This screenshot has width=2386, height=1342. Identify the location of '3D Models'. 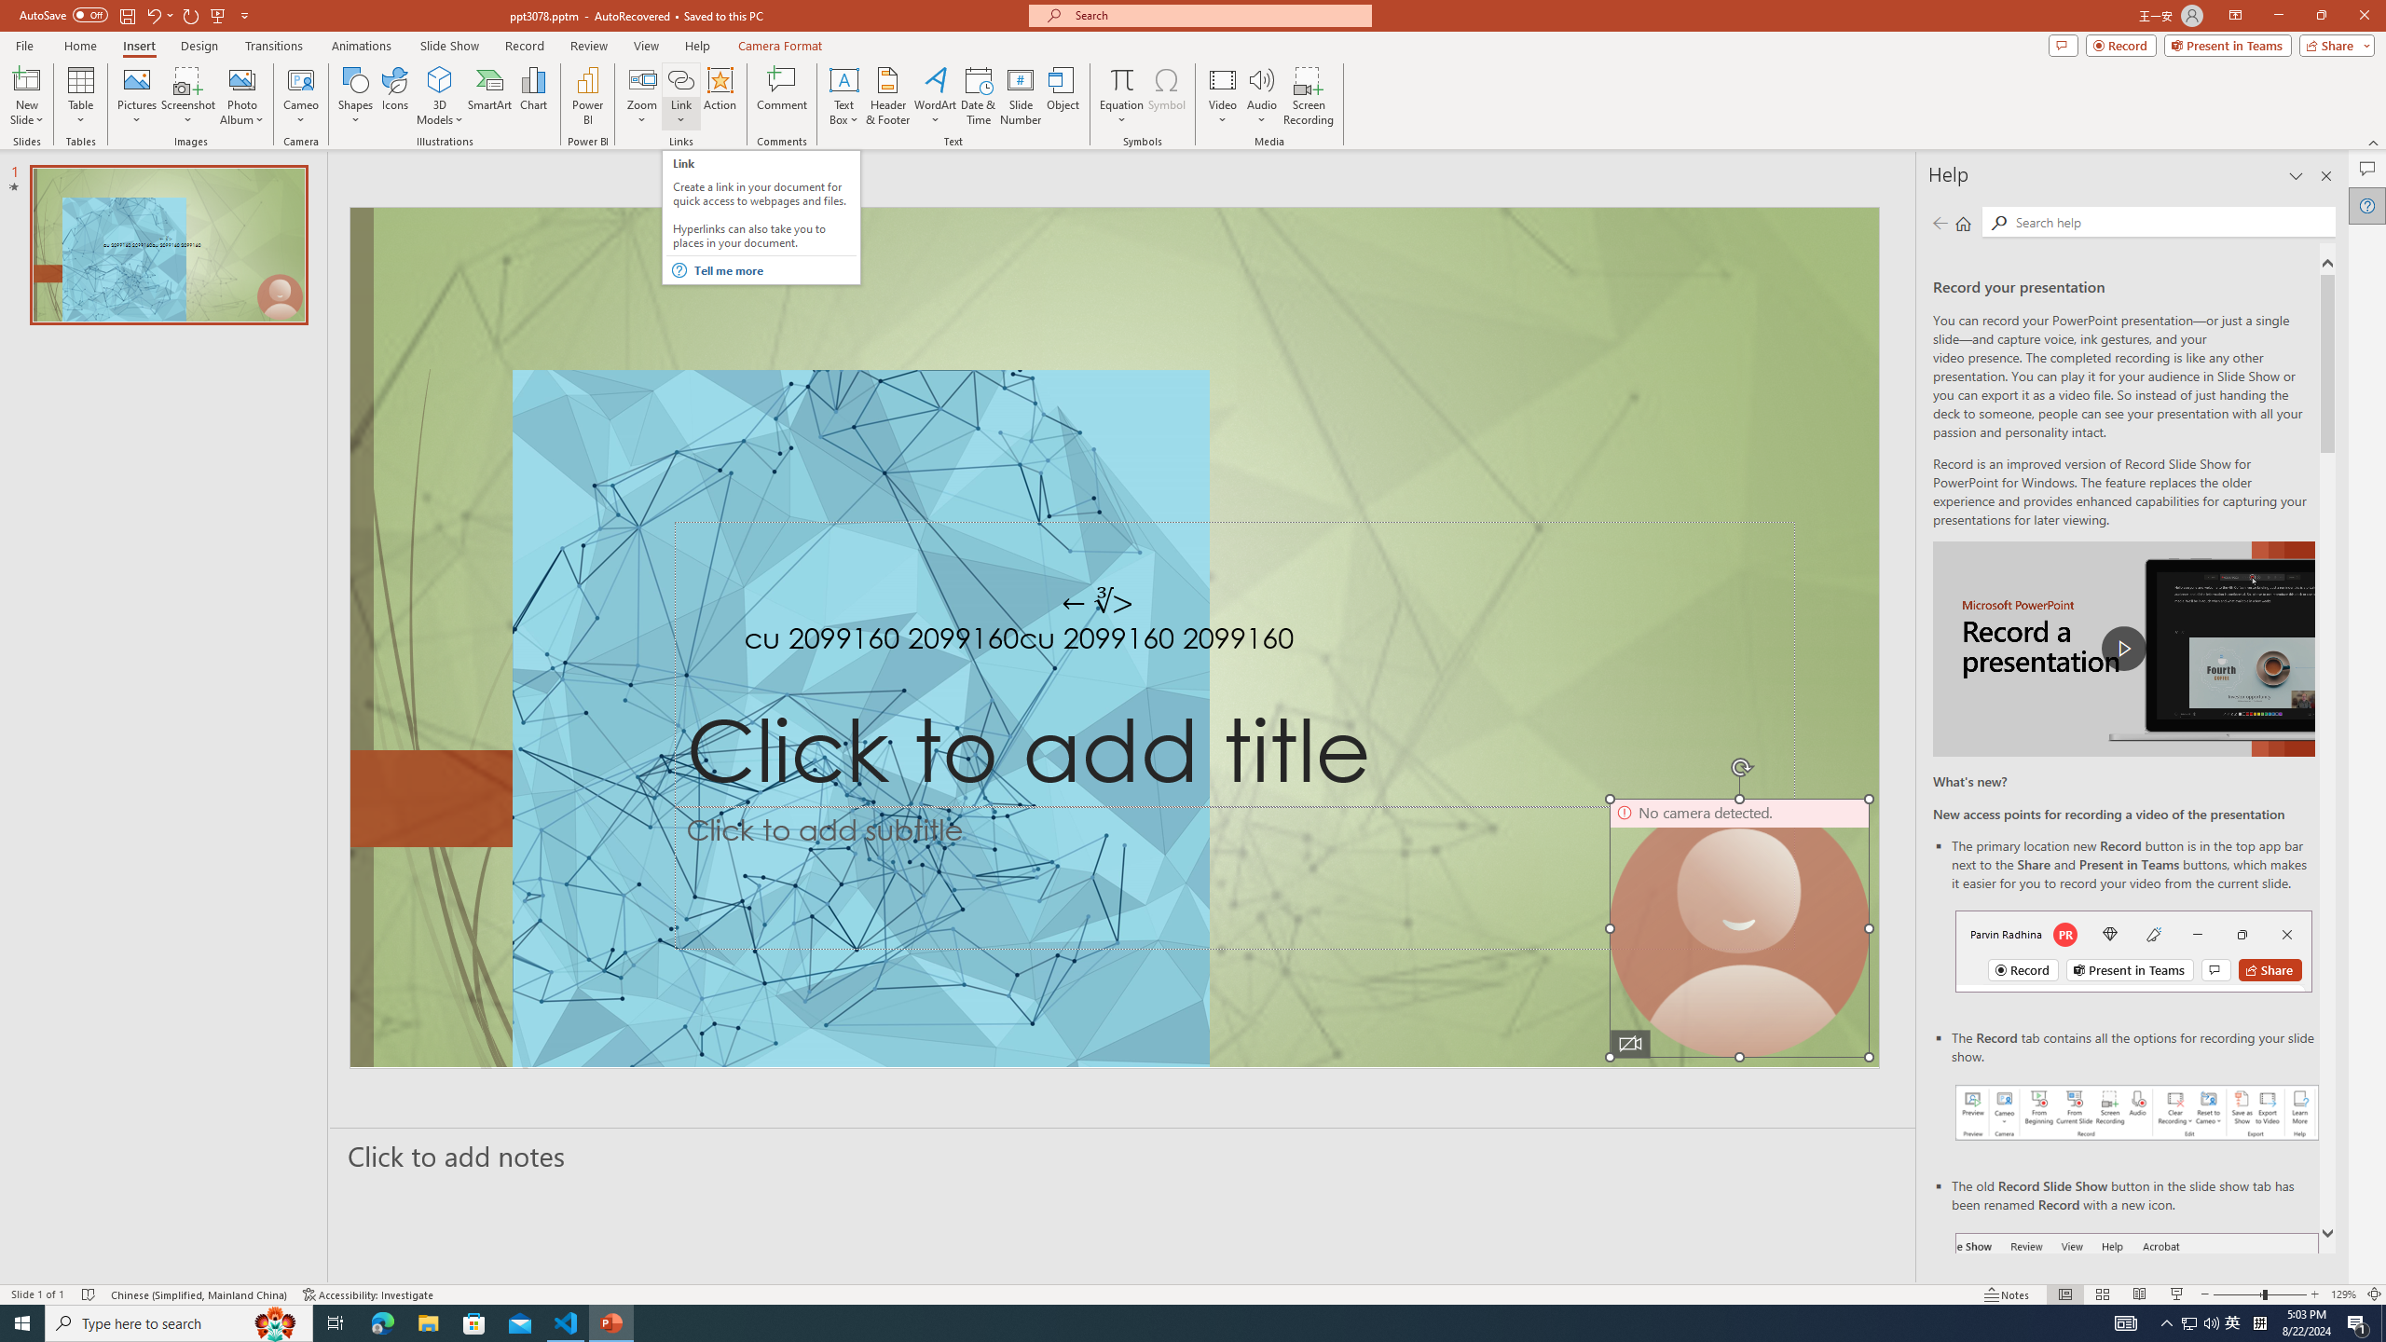
(440, 96).